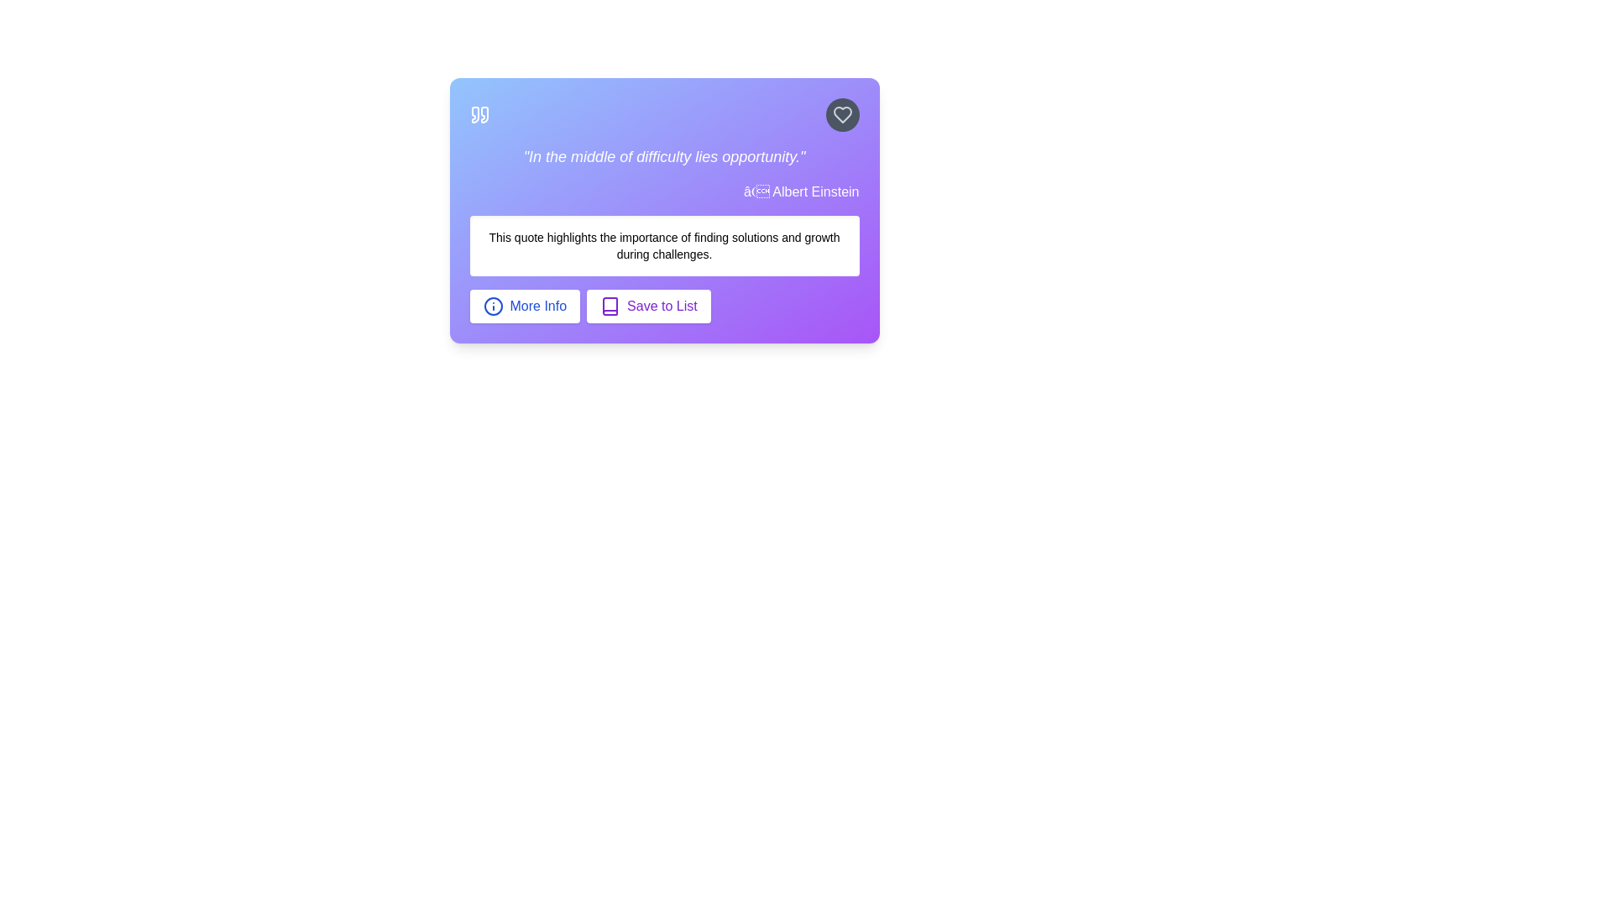 The image size is (1612, 907). What do you see at coordinates (663, 156) in the screenshot?
I see `the static text element that presents an inspirational quote, located near the top-middle of the interface` at bounding box center [663, 156].